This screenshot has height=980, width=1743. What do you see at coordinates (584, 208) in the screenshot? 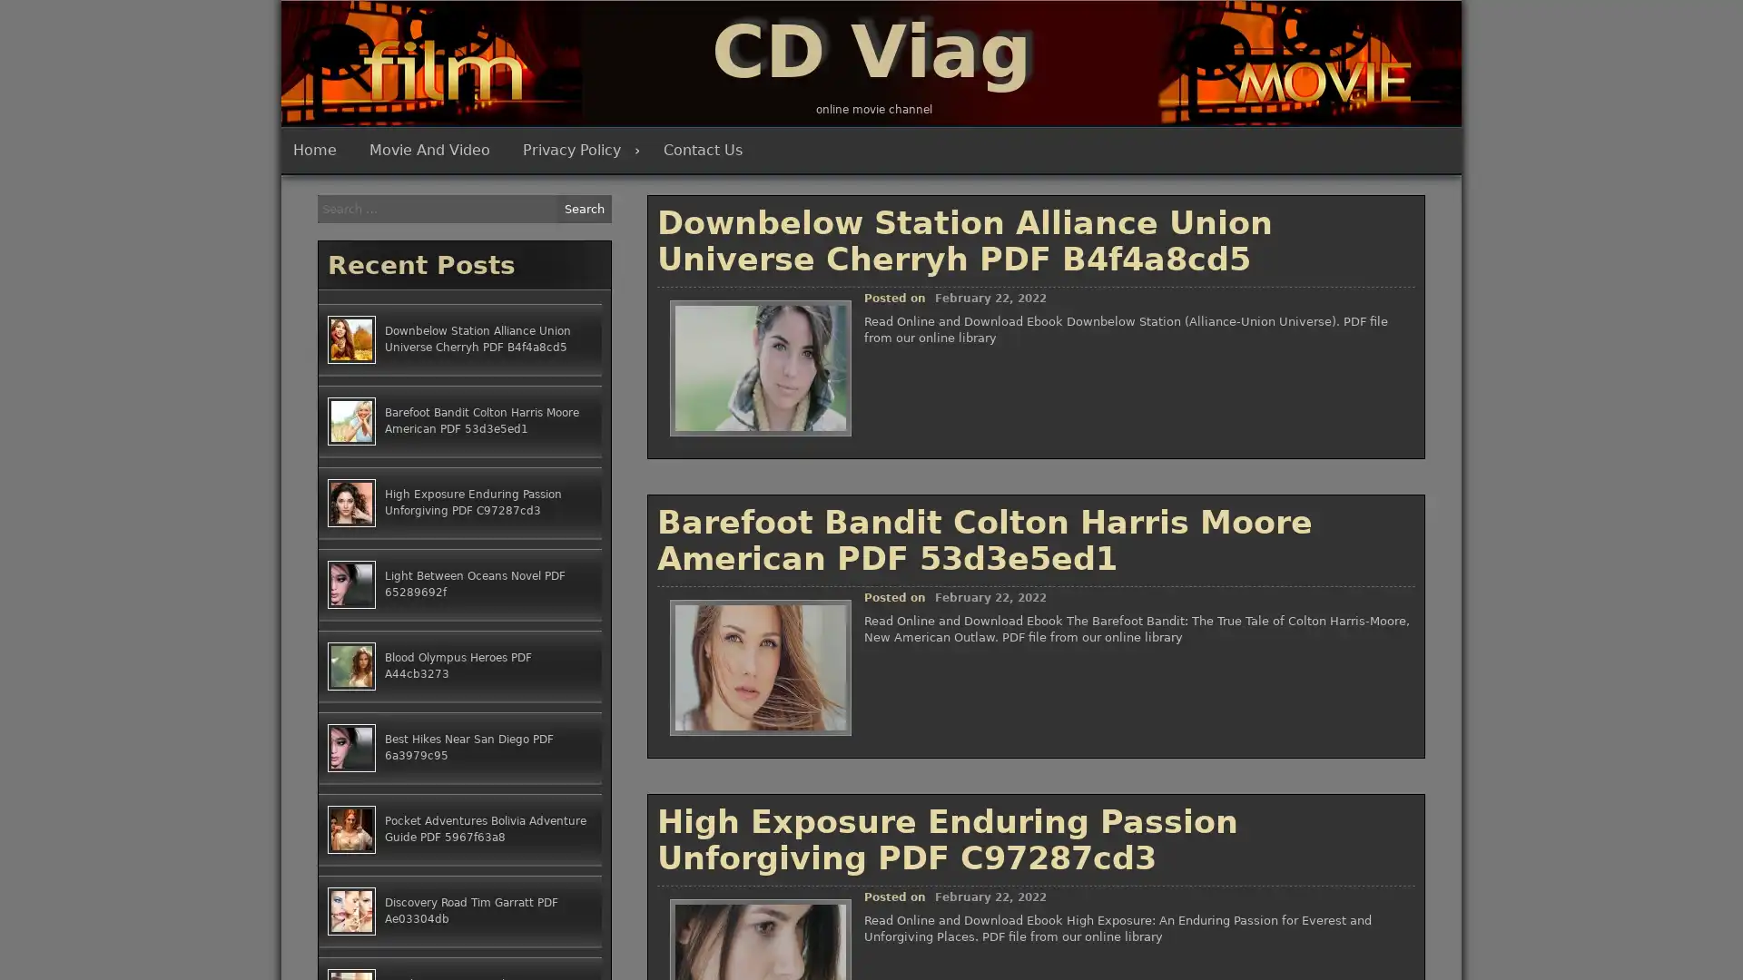
I see `Search` at bounding box center [584, 208].